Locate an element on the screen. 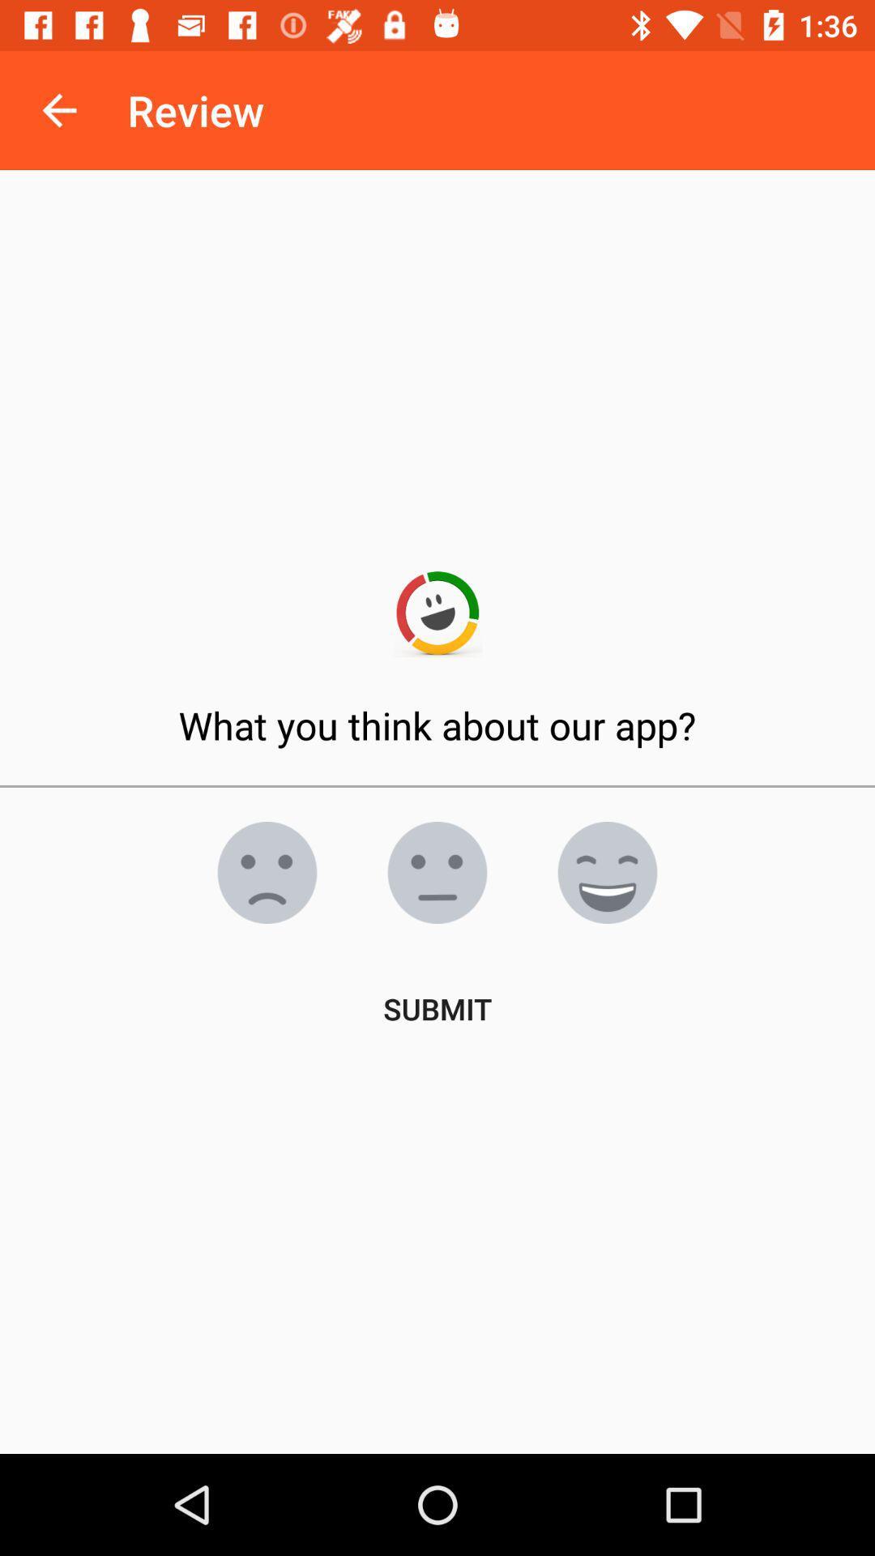 This screenshot has width=875, height=1556. neutral opinion smiley is located at coordinates (437, 871).